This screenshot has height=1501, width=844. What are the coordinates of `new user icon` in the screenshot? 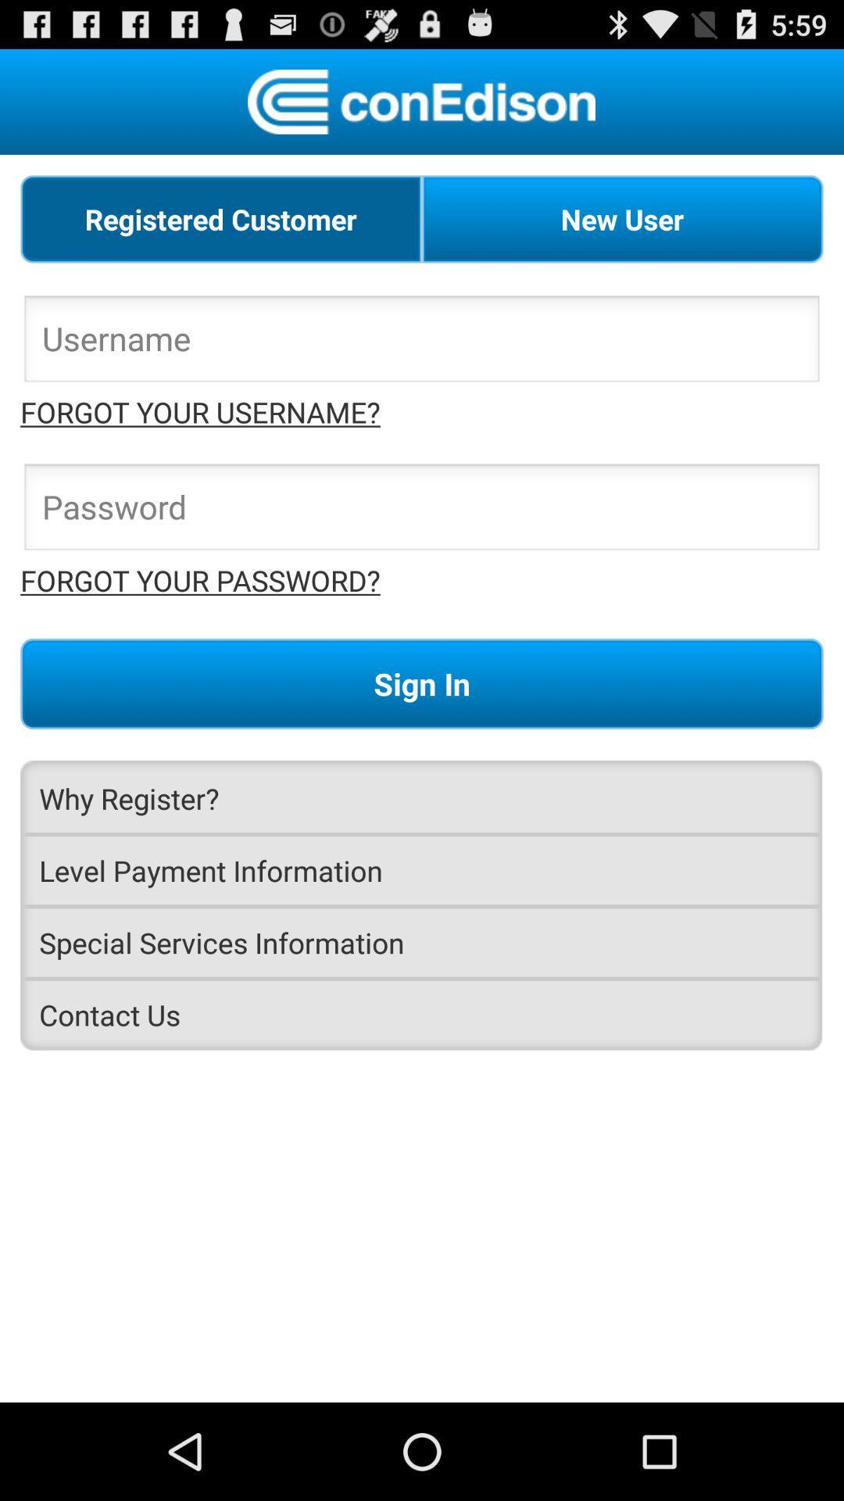 It's located at (621, 218).